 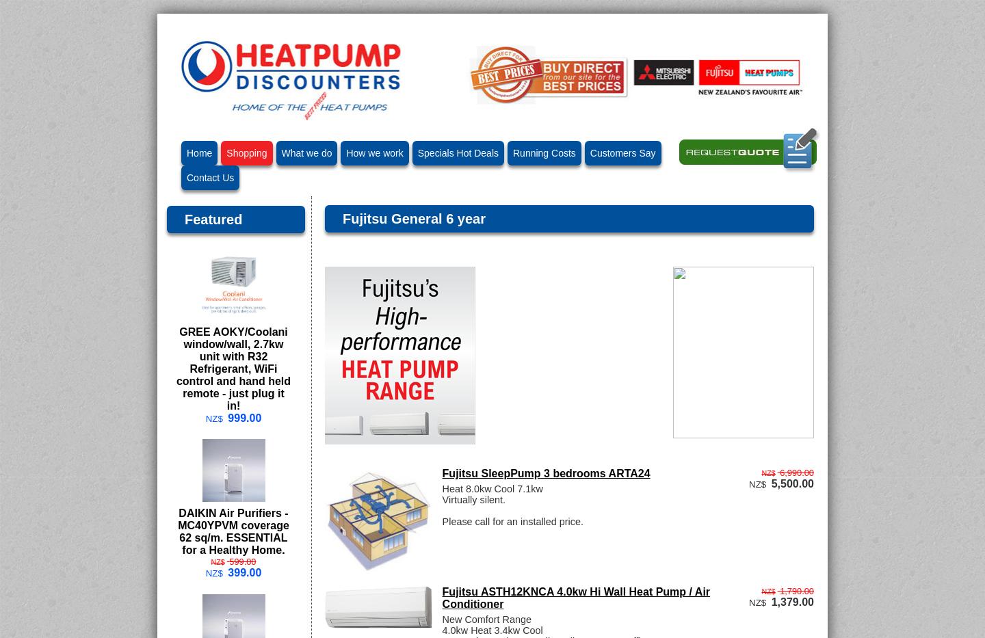 What do you see at coordinates (228, 572) in the screenshot?
I see `'399.00'` at bounding box center [228, 572].